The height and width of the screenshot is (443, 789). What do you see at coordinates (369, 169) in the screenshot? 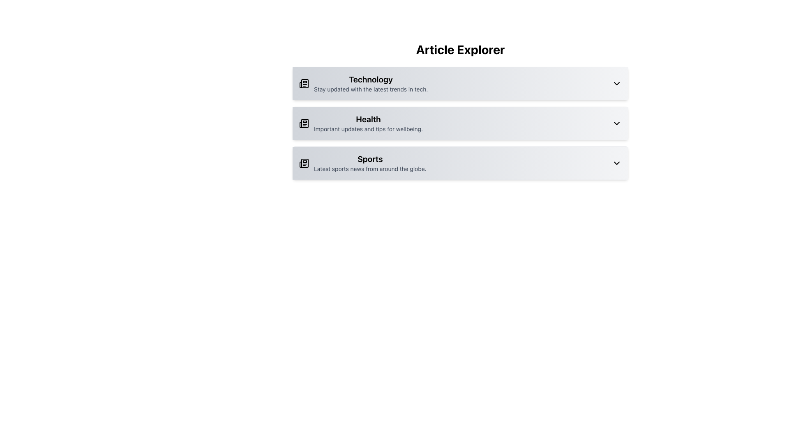
I see `the descriptive text element located under the 'Sports' heading, which provides a summary of the content related to the 'Sports' category` at bounding box center [369, 169].